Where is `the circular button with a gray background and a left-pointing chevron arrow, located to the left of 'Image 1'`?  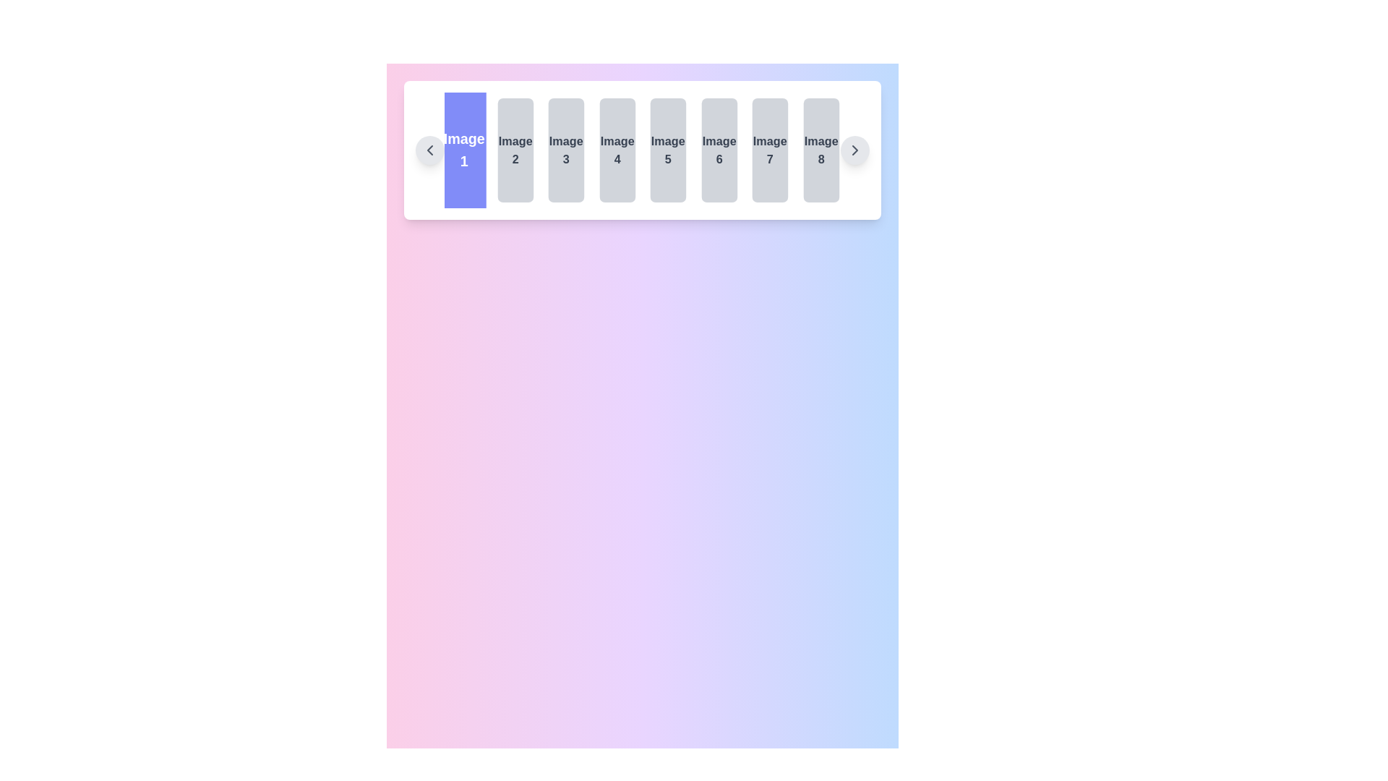
the circular button with a gray background and a left-pointing chevron arrow, located to the left of 'Image 1' is located at coordinates (429, 150).